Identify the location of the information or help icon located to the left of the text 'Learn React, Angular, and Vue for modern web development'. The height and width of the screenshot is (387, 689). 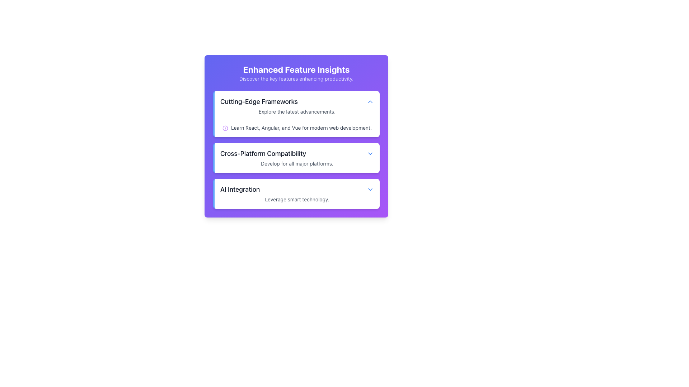
(225, 128).